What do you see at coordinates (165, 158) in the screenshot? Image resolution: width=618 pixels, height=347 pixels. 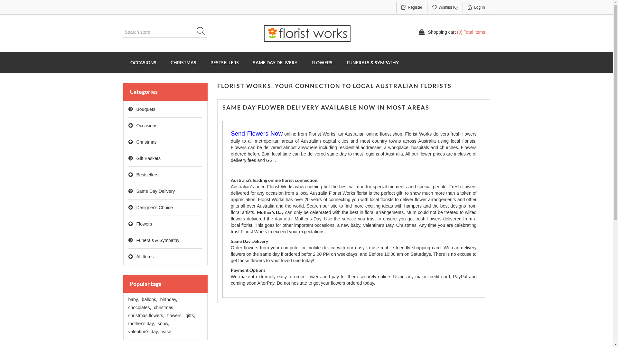 I see `'Gift Baskets'` at bounding box center [165, 158].